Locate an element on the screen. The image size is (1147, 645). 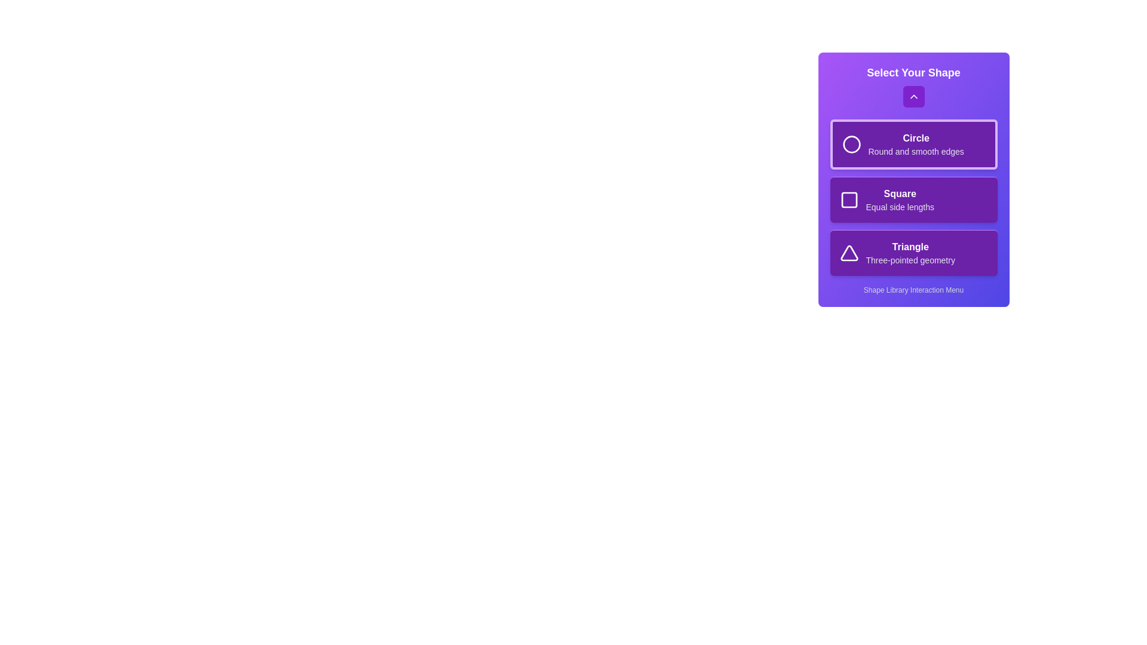
the icon of the shape Circle is located at coordinates (851, 144).